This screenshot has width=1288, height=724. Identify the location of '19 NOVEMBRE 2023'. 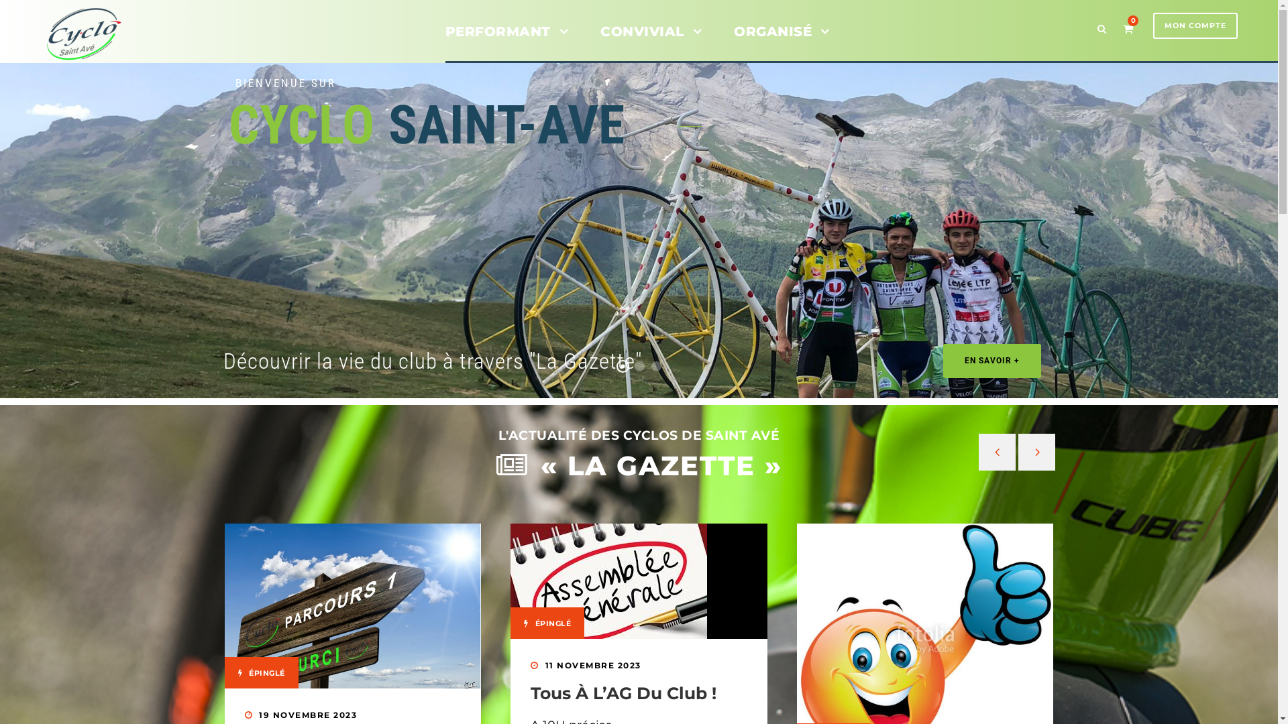
(307, 714).